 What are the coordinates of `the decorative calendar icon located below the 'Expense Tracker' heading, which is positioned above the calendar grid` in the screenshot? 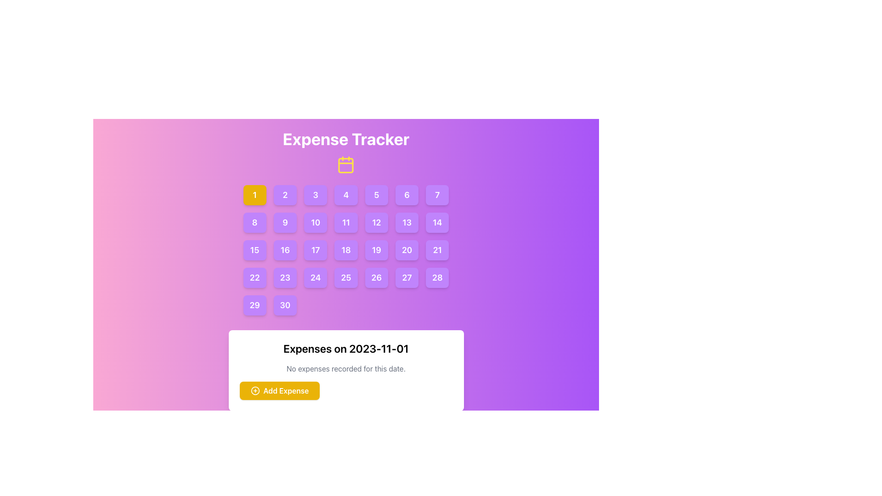 It's located at (345, 164).